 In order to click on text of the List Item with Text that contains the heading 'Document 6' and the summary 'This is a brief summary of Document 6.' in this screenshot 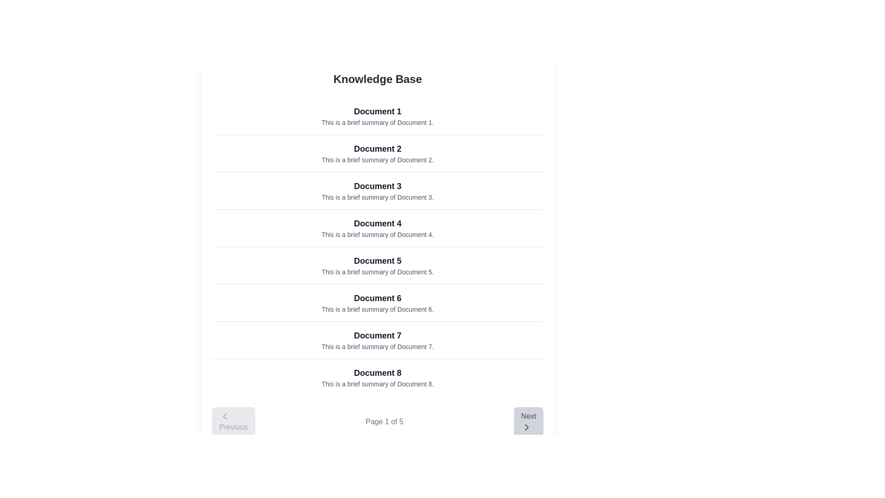, I will do `click(378, 302)`.